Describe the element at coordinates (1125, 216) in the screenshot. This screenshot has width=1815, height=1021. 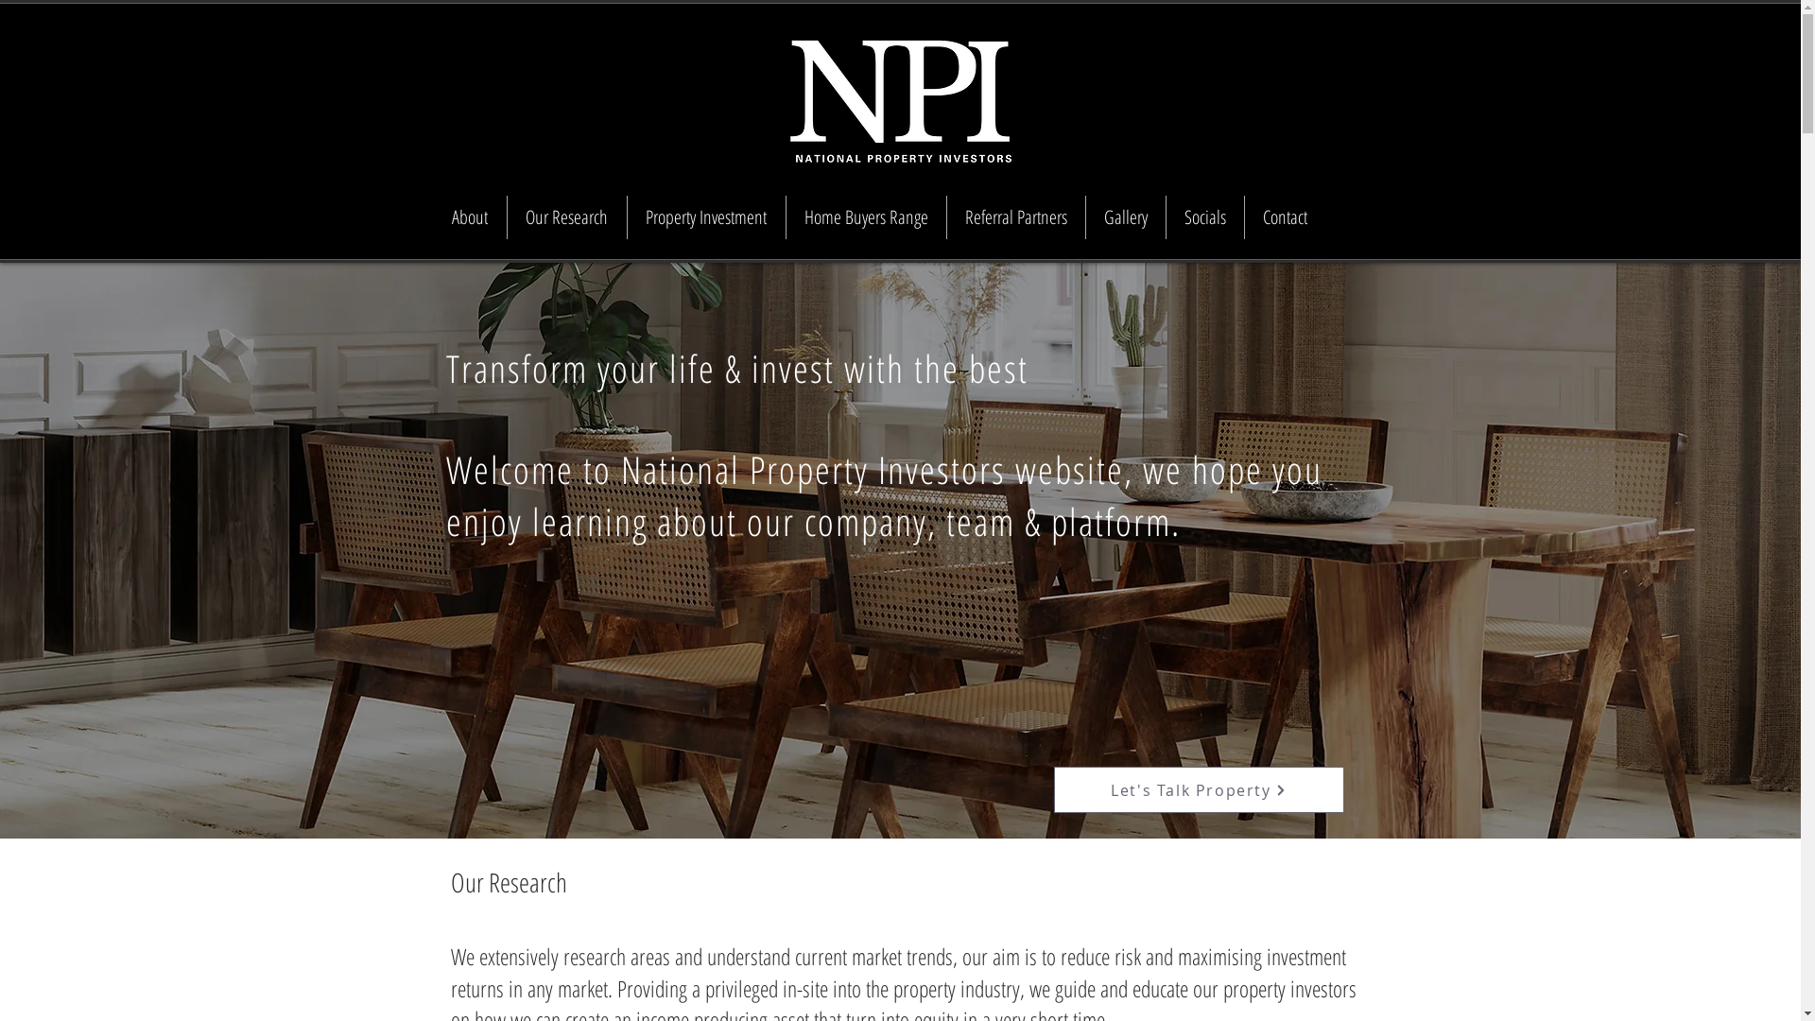
I see `'Gallery'` at that location.